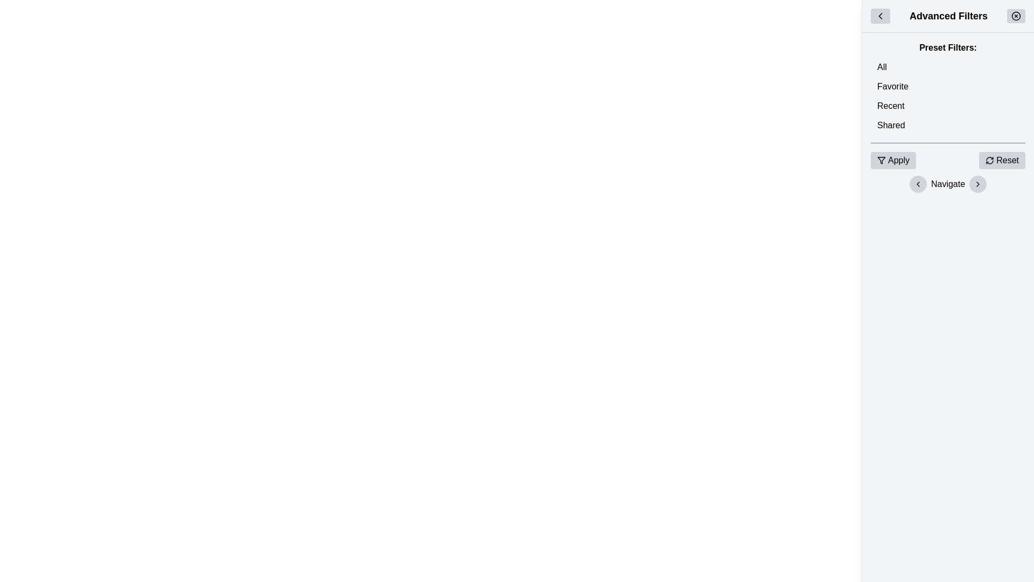  I want to click on the 'Apply Filters' button located in the top-right corner of the panel to implement the chosen filtering criteria, so click(893, 160).